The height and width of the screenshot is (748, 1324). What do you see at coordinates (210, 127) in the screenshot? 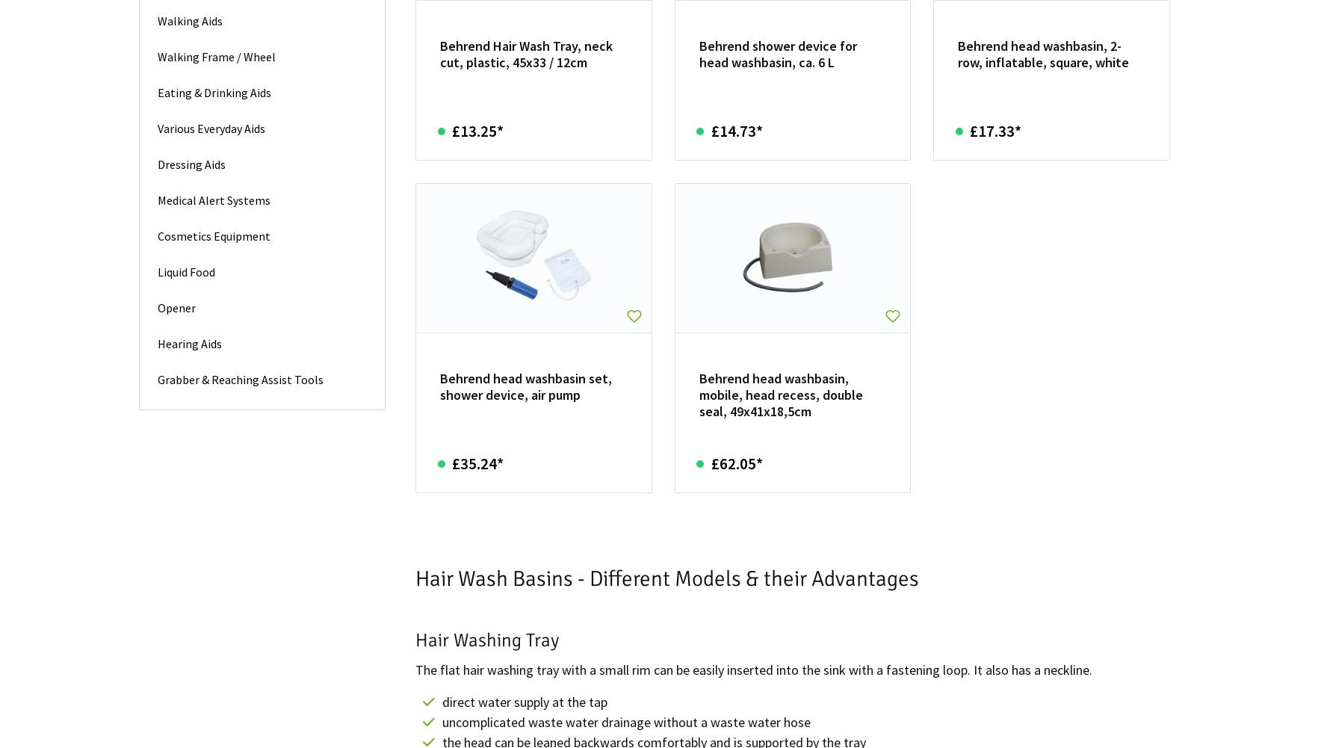
I see `'Various Everyday Aids'` at bounding box center [210, 127].